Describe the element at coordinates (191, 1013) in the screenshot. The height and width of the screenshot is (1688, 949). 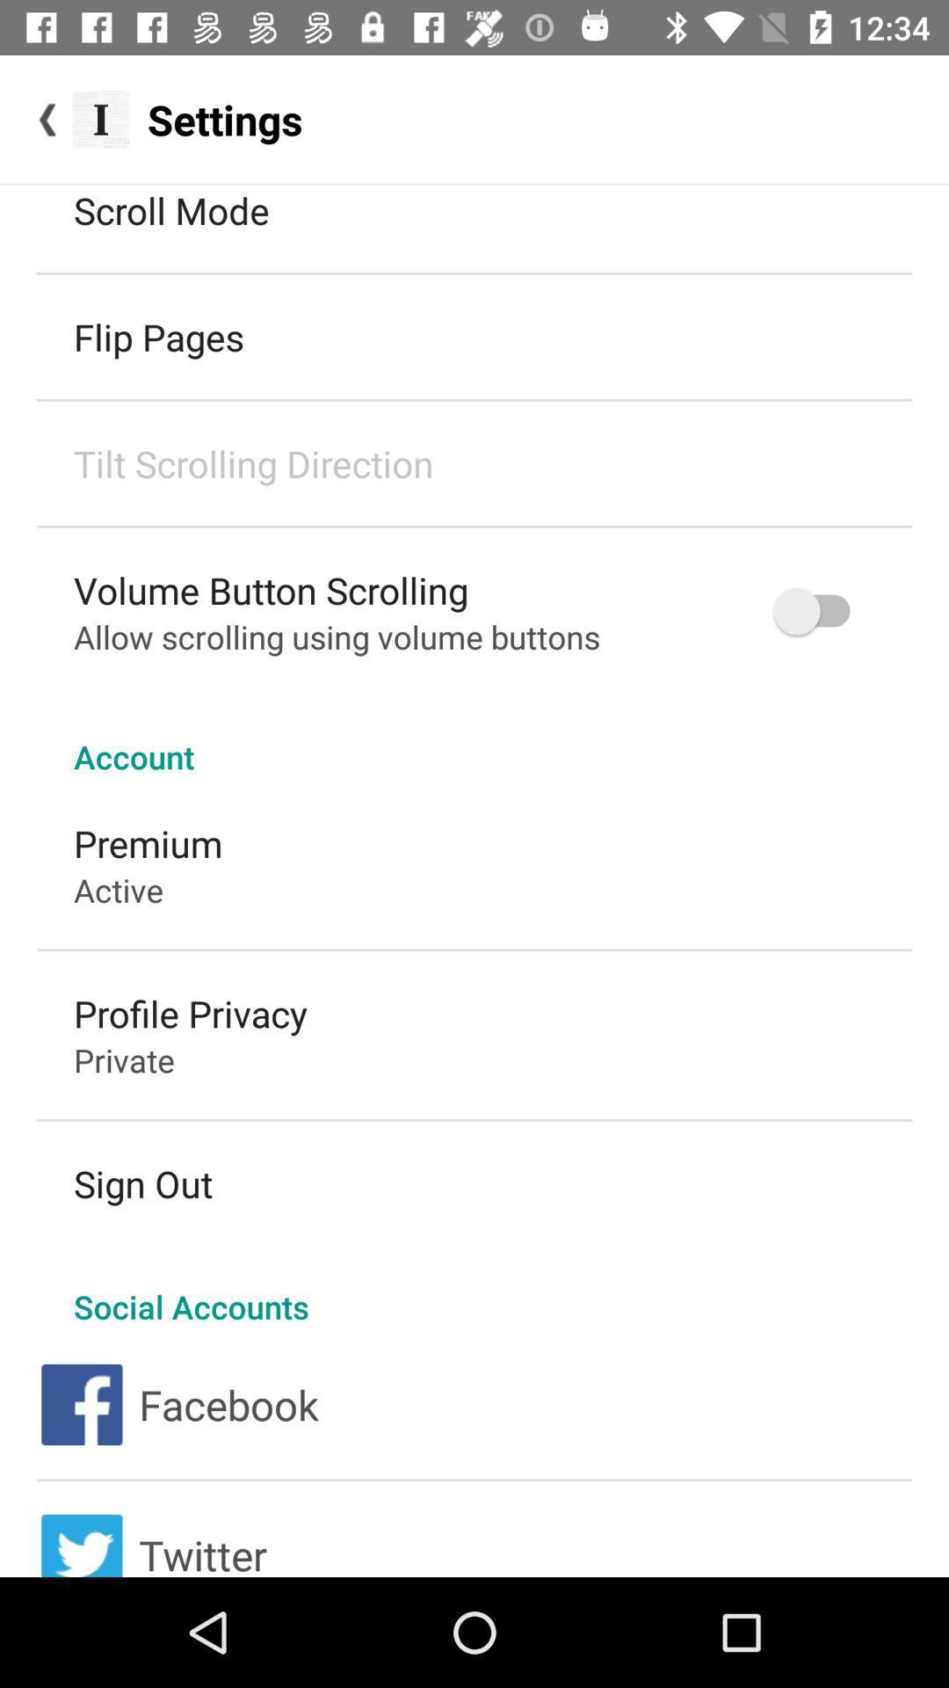
I see `the item below the active item` at that location.